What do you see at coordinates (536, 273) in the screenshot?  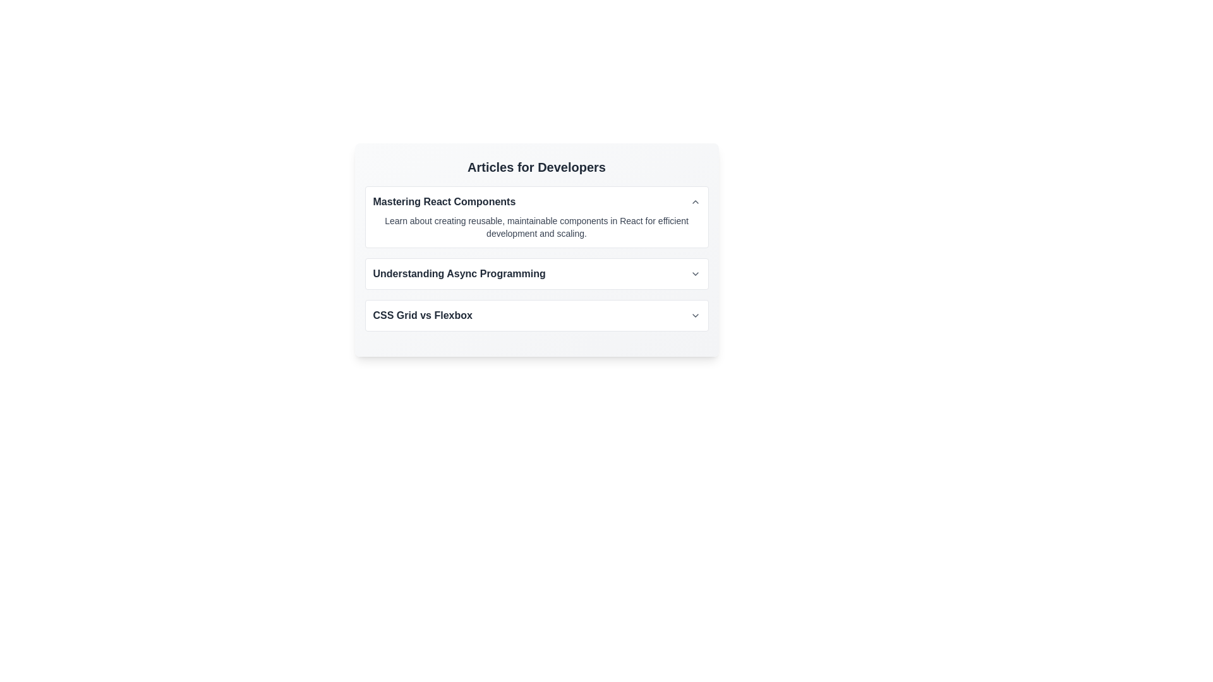 I see `the collapsible section header for asynchronous programming` at bounding box center [536, 273].